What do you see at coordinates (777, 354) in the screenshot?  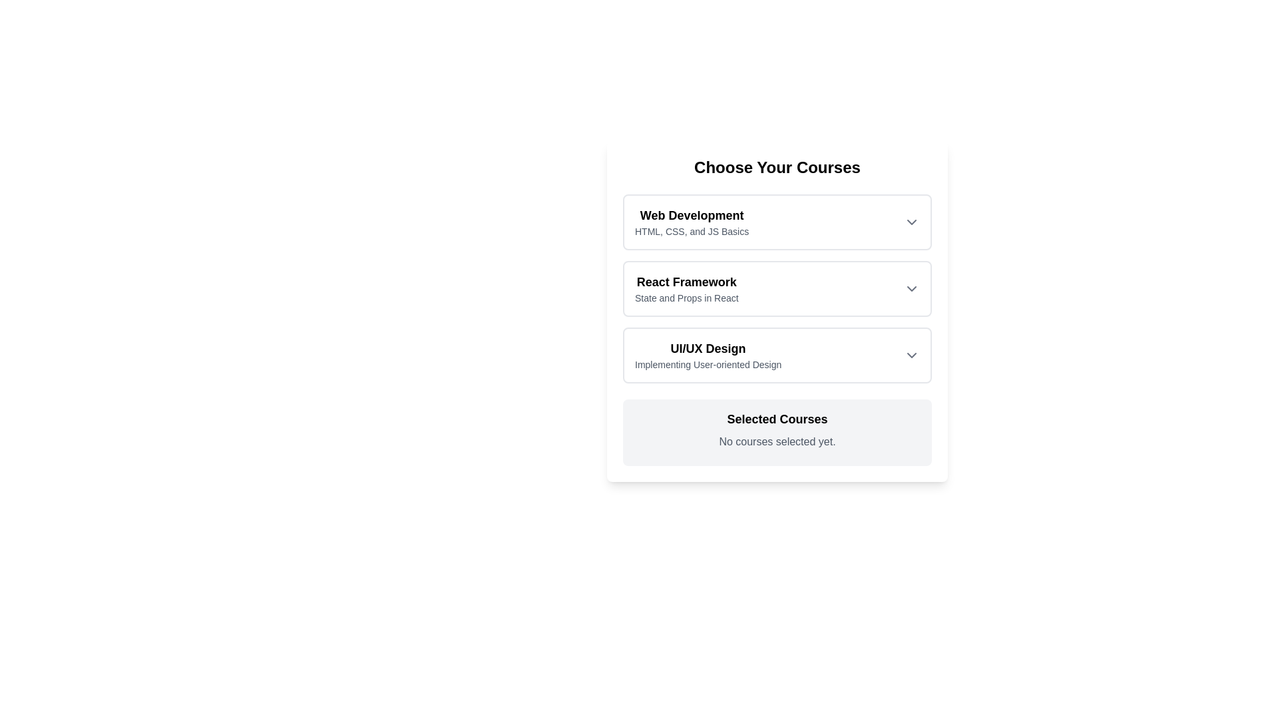 I see `the collapsible list item representing the course 'UI/UX Design', which is the third item in the course options list` at bounding box center [777, 354].